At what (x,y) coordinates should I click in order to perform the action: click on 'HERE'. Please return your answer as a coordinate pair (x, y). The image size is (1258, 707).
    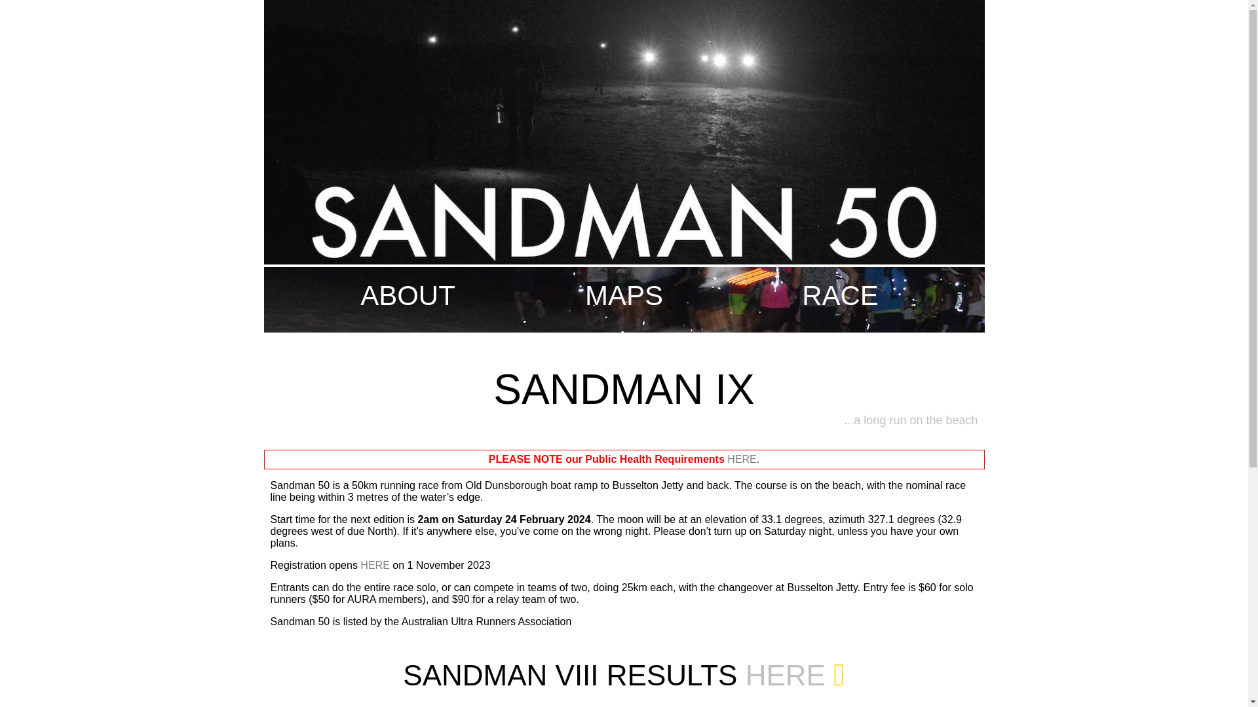
    Looking at the image, I should click on (742, 458).